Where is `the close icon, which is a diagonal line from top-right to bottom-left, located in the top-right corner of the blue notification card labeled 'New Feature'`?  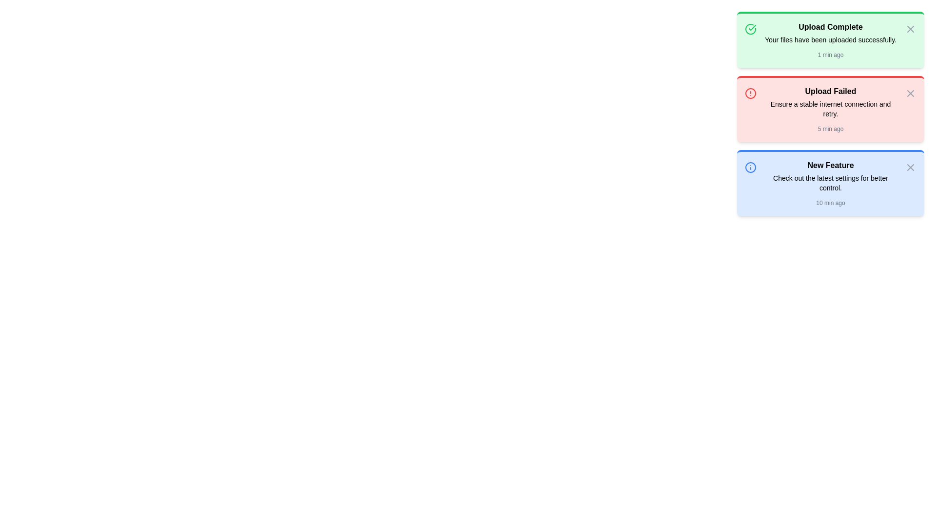 the close icon, which is a diagonal line from top-right to bottom-left, located in the top-right corner of the blue notification card labeled 'New Feature' is located at coordinates (910, 167).